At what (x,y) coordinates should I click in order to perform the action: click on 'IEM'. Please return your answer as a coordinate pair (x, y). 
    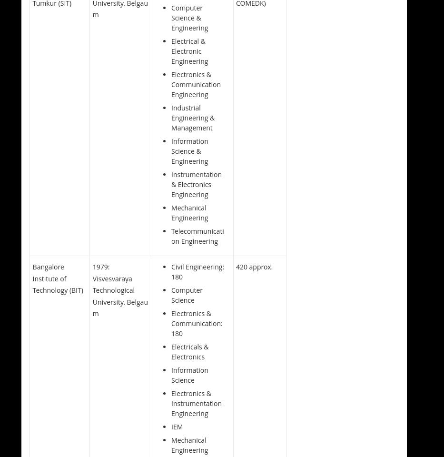
    Looking at the image, I should click on (171, 426).